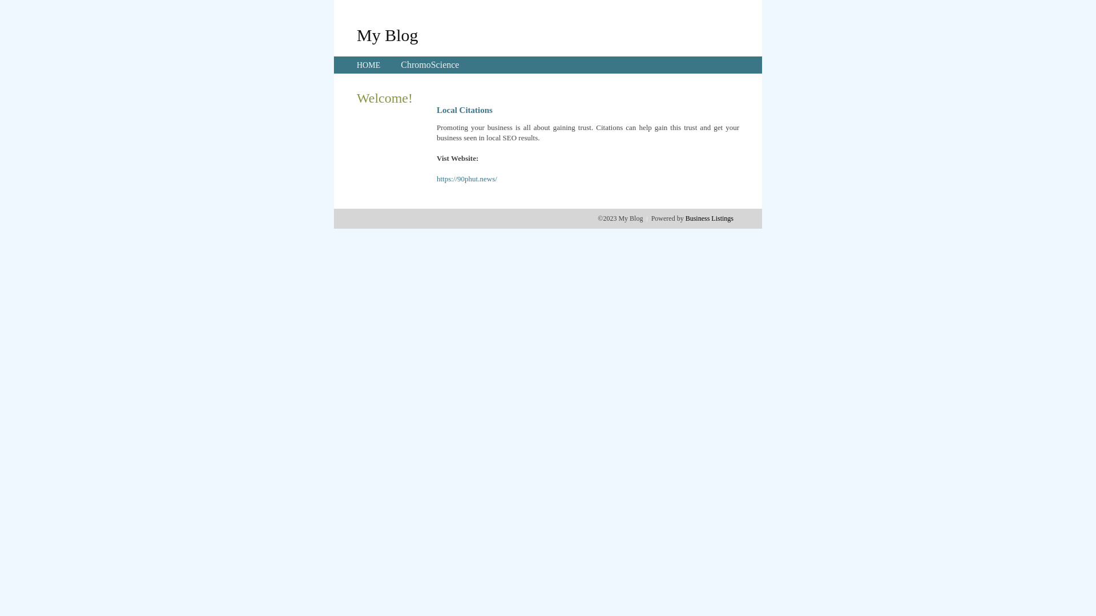  I want to click on 'Business Listings', so click(709, 218).